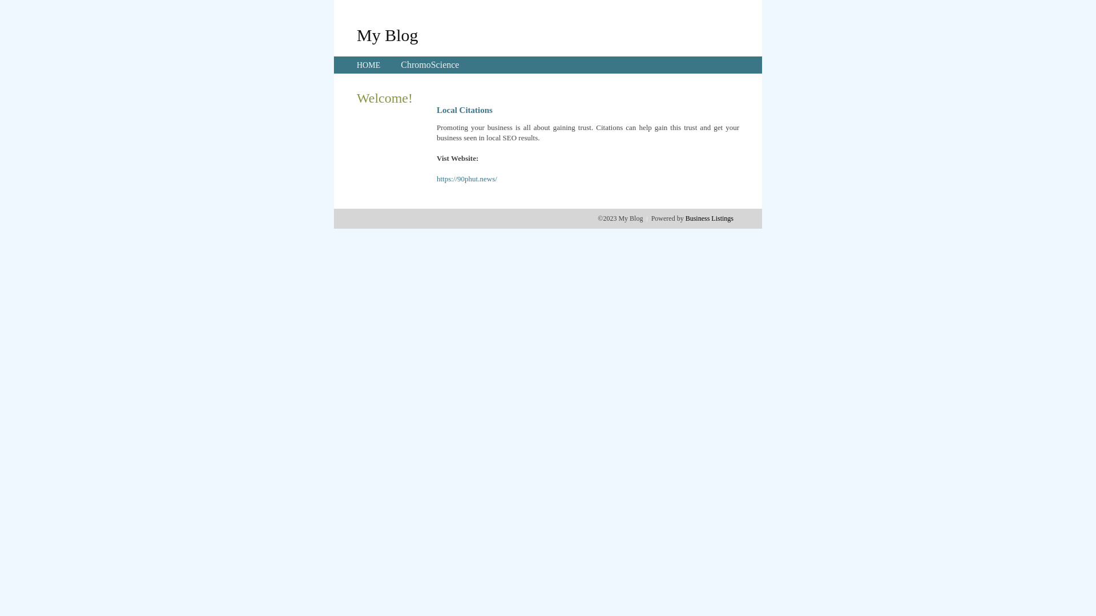  I want to click on 'Business Listings', so click(709, 218).